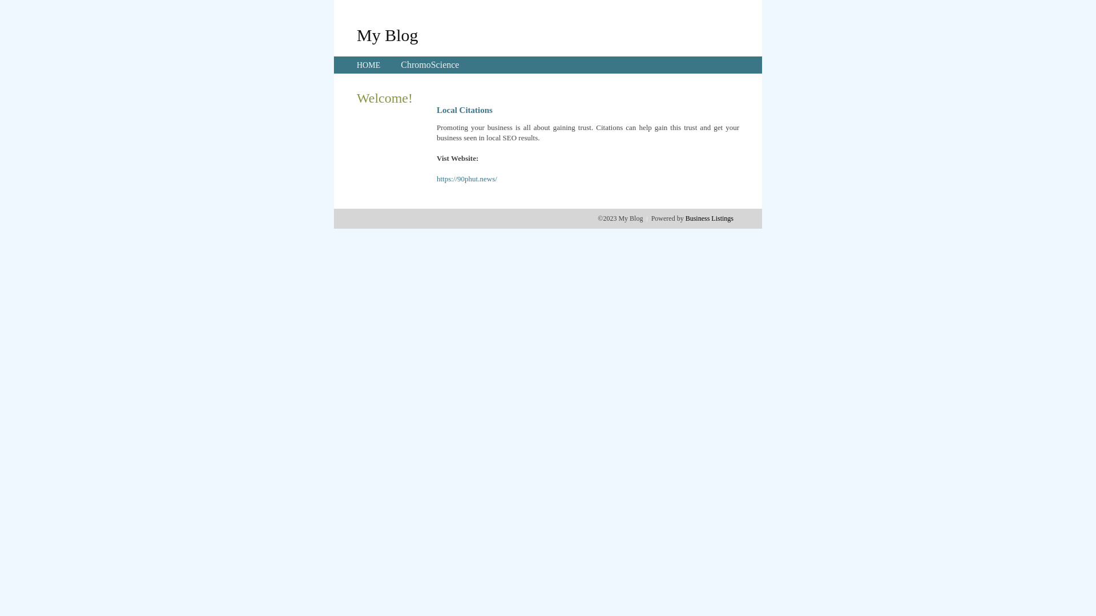  I want to click on 'Business Listings', so click(709, 218).